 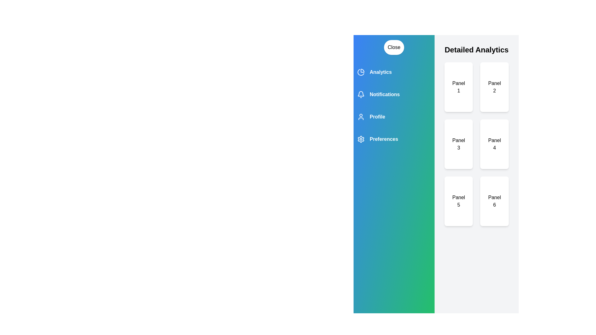 What do you see at coordinates (393, 94) in the screenshot?
I see `the category Notifications to observe its visual feedback` at bounding box center [393, 94].